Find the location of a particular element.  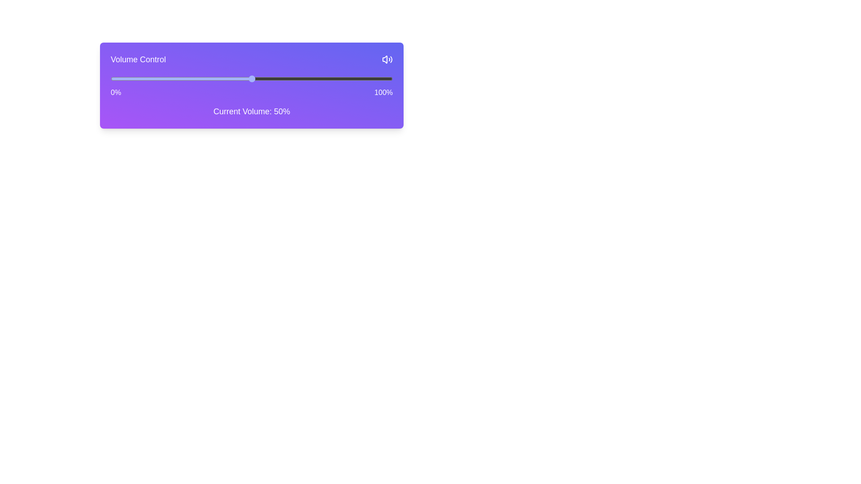

volume level is located at coordinates (390, 78).